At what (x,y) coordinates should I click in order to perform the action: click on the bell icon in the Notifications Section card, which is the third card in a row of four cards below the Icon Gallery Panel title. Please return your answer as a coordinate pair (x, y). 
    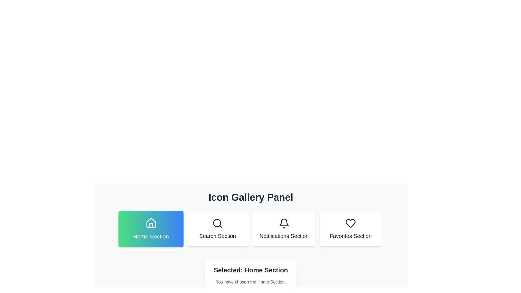
    Looking at the image, I should click on (284, 224).